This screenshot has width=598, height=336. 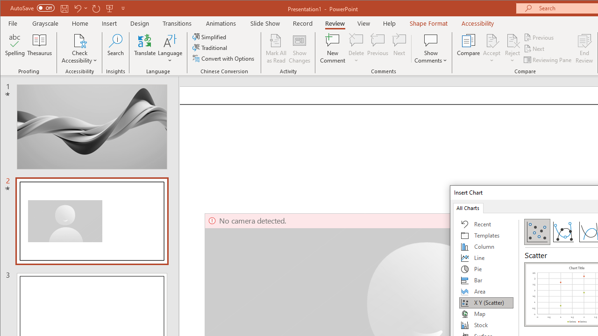 What do you see at coordinates (486, 258) in the screenshot?
I see `'Line'` at bounding box center [486, 258].